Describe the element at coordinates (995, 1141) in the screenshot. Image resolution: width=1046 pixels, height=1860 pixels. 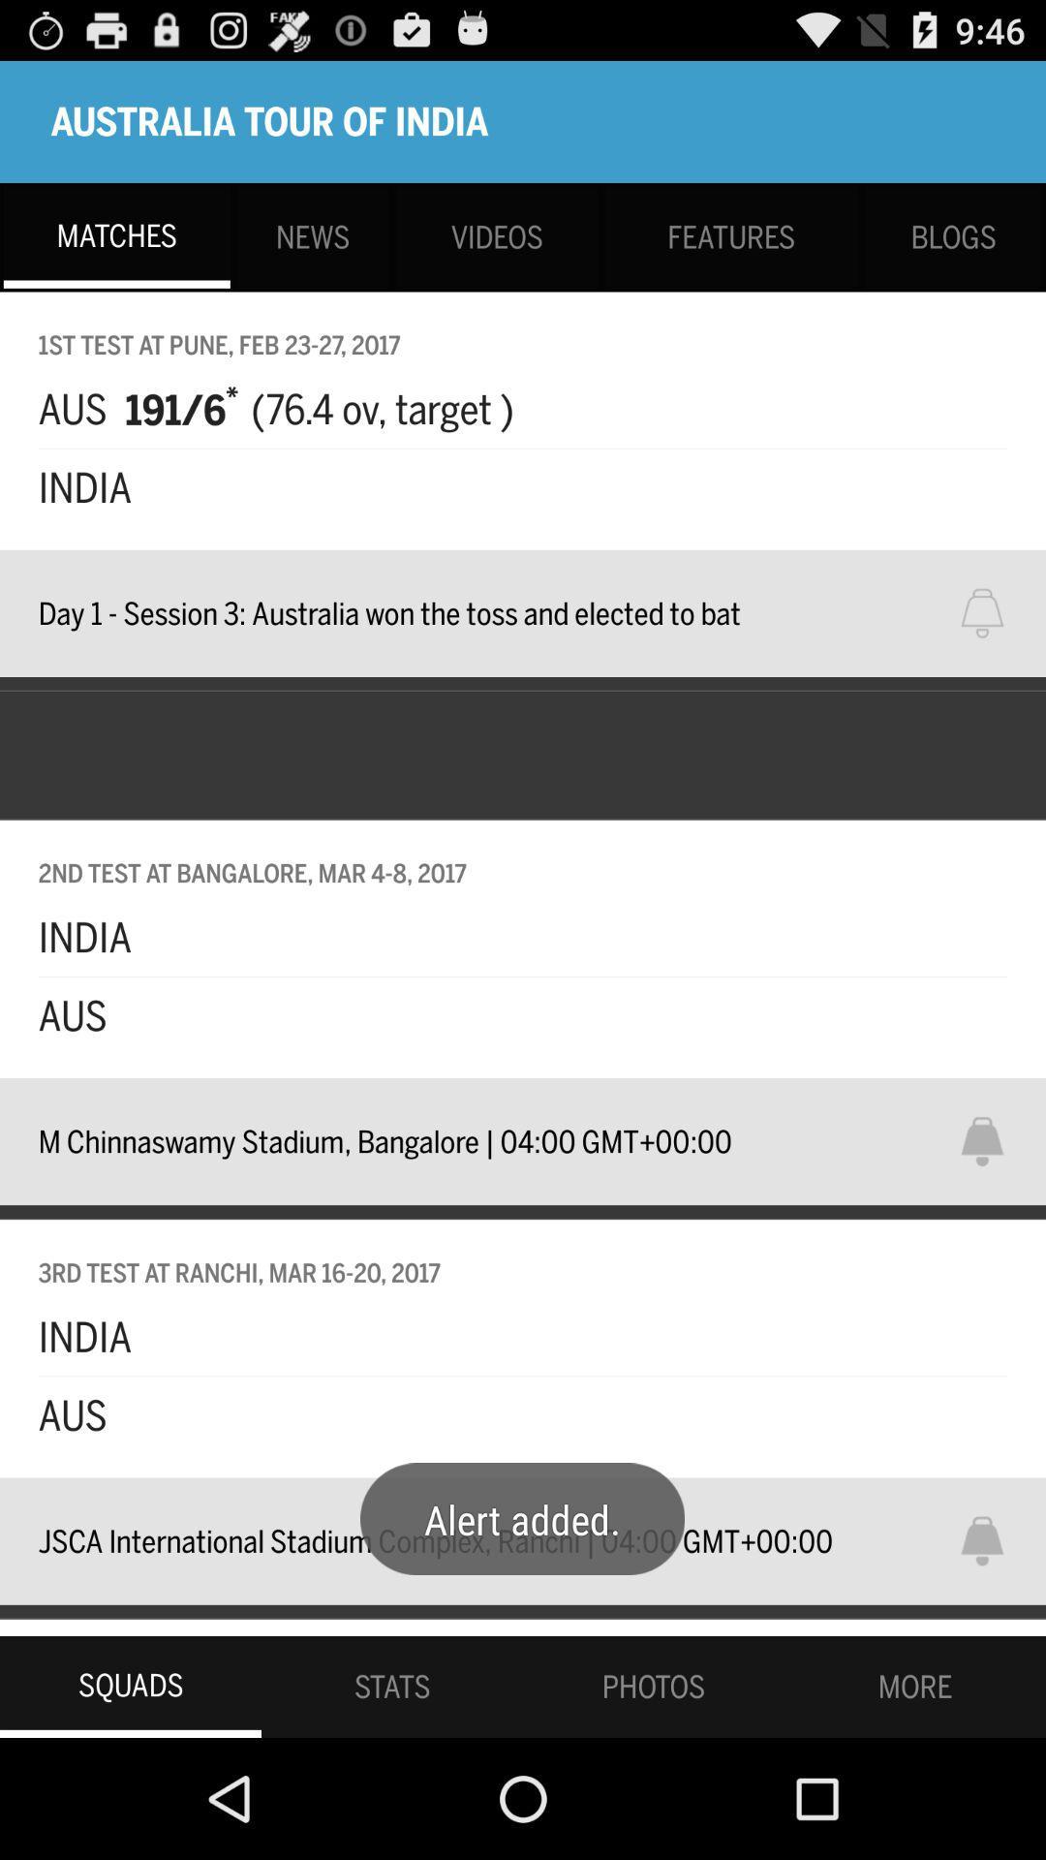
I see `notification` at that location.